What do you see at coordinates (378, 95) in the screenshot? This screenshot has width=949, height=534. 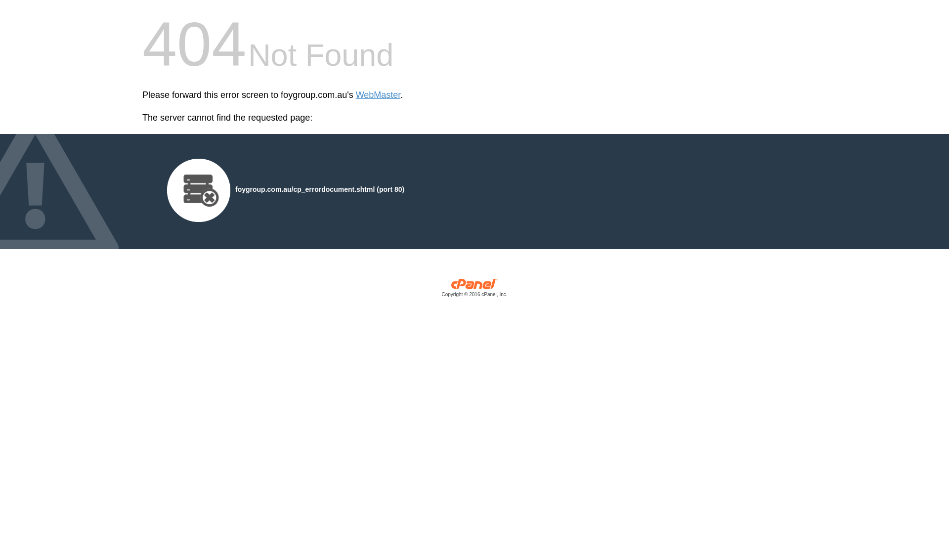 I see `'WebMaster'` at bounding box center [378, 95].